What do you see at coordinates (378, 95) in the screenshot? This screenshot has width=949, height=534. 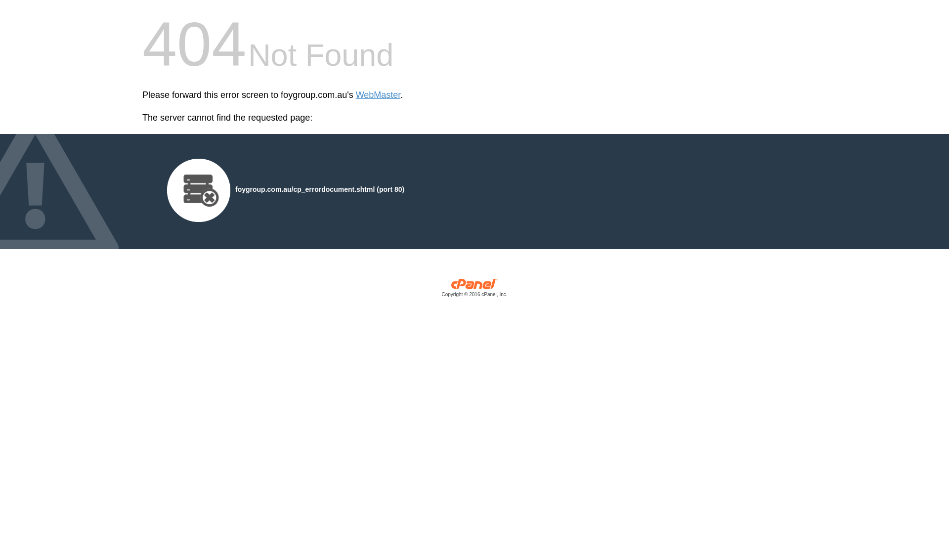 I see `'WebMaster'` at bounding box center [378, 95].